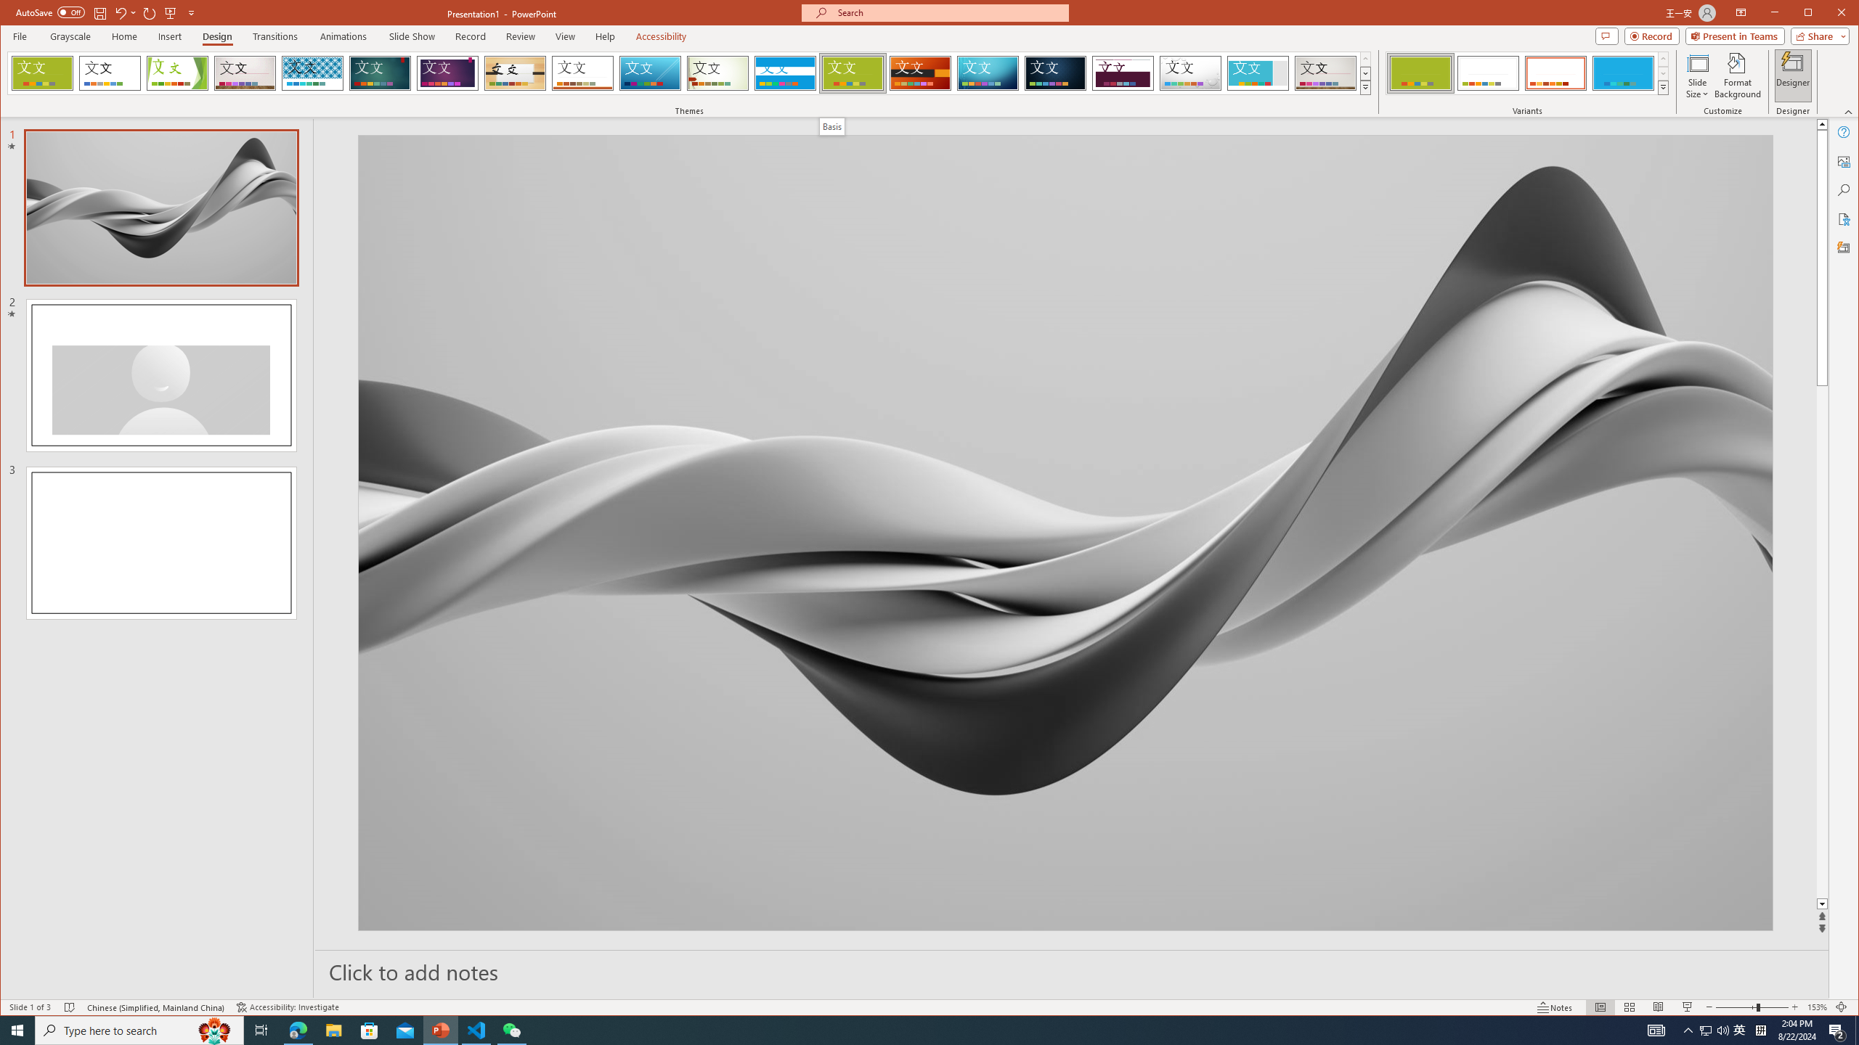  What do you see at coordinates (312, 73) in the screenshot?
I see `'Integral'` at bounding box center [312, 73].